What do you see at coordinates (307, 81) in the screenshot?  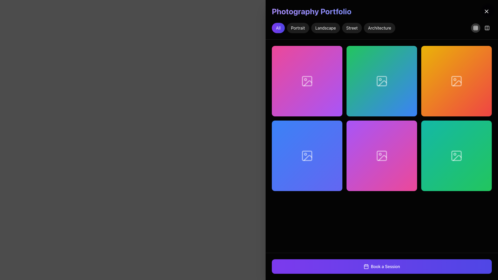 I see `the image icon resembling a photograph with a mountain and a sun, located in the top-left tile of a 3x2 grid, to trigger a tooltip or highlight` at bounding box center [307, 81].